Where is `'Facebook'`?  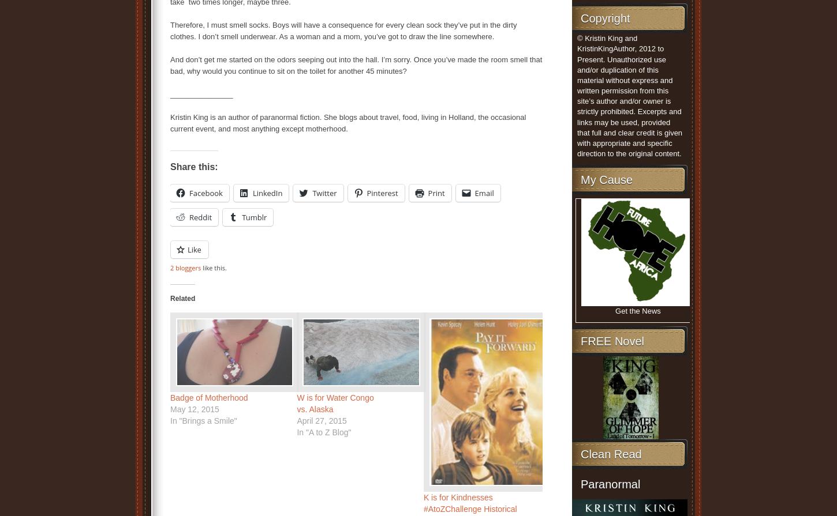
'Facebook' is located at coordinates (205, 193).